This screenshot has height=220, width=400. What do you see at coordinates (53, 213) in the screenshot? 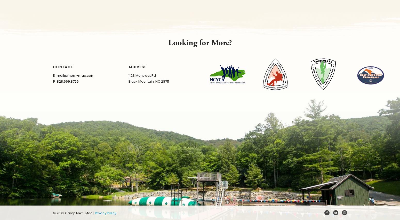
I see `'© 2023 Camp Merri-Mac |'` at bounding box center [53, 213].